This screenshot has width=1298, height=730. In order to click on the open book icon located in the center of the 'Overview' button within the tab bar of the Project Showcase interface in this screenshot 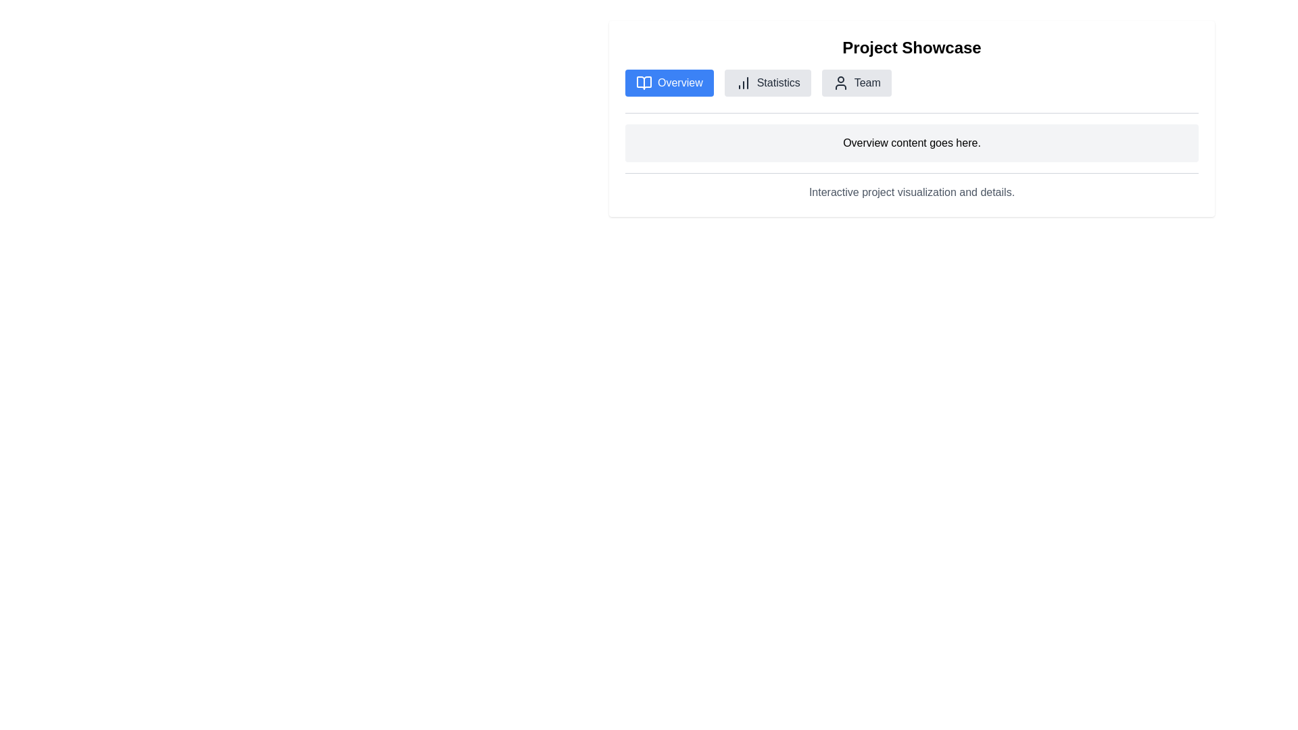, I will do `click(644, 83)`.